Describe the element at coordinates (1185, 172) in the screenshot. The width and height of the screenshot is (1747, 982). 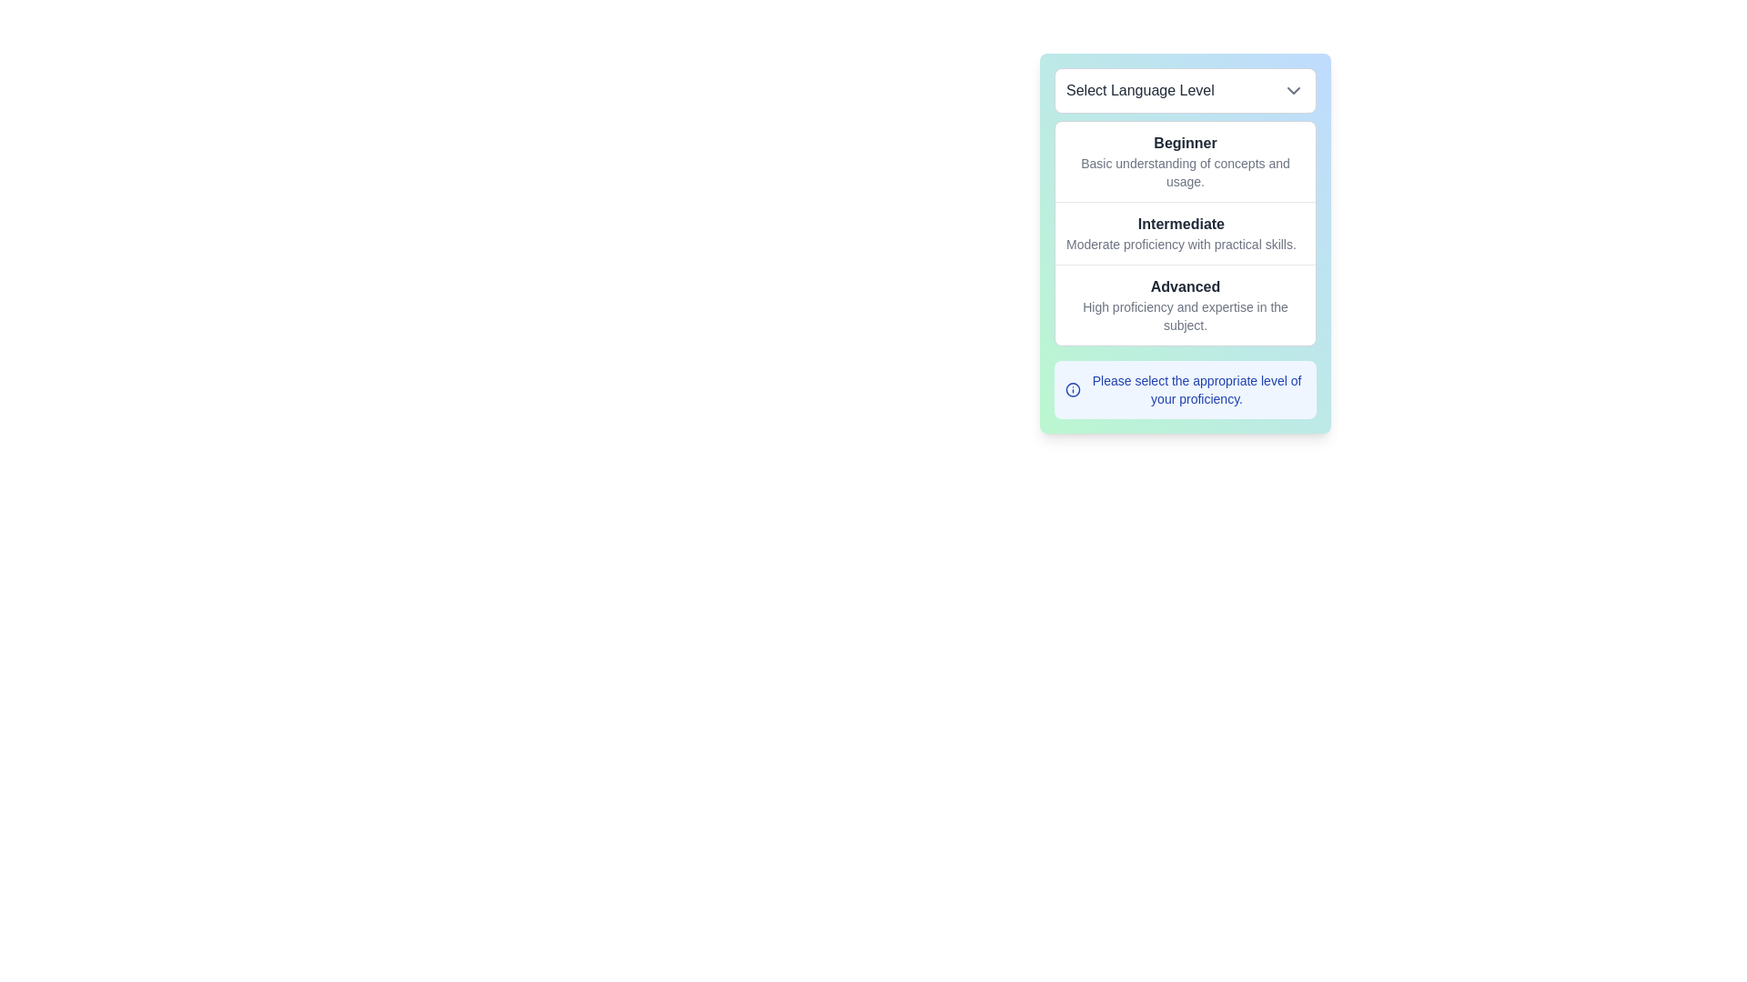
I see `the descriptive text label providing details about the 'Beginner' option, which is positioned within a centered card-like interface under the header 'Beginner'` at that location.